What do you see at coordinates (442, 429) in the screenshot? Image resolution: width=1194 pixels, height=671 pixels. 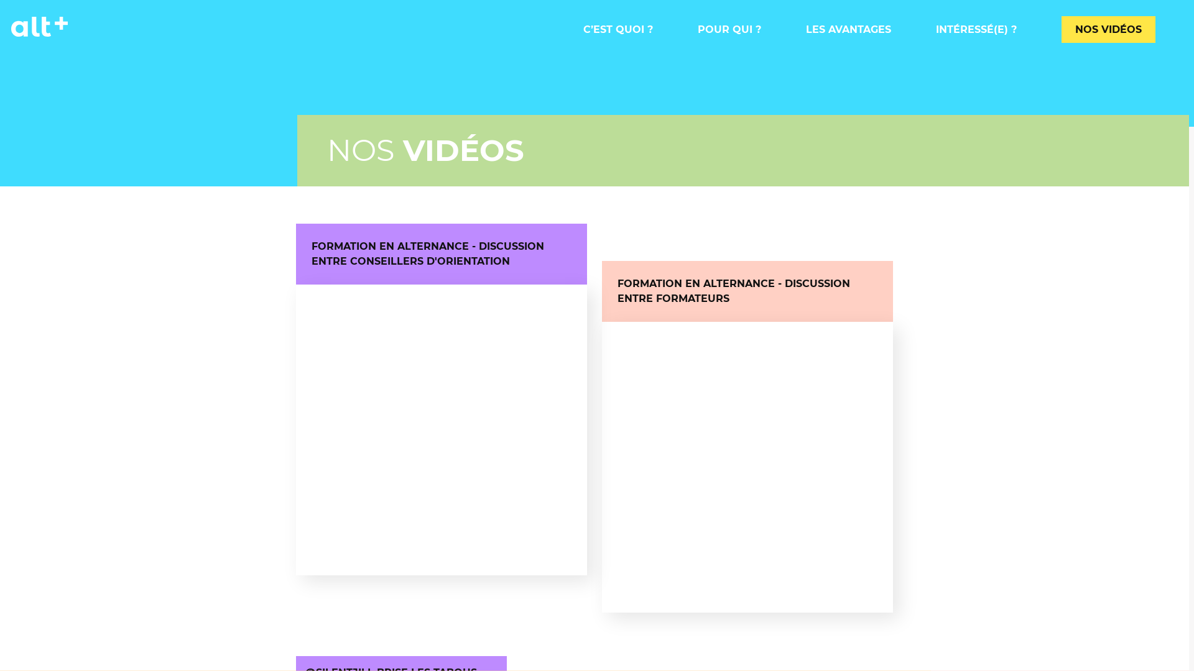 I see `'YouTube video player'` at bounding box center [442, 429].